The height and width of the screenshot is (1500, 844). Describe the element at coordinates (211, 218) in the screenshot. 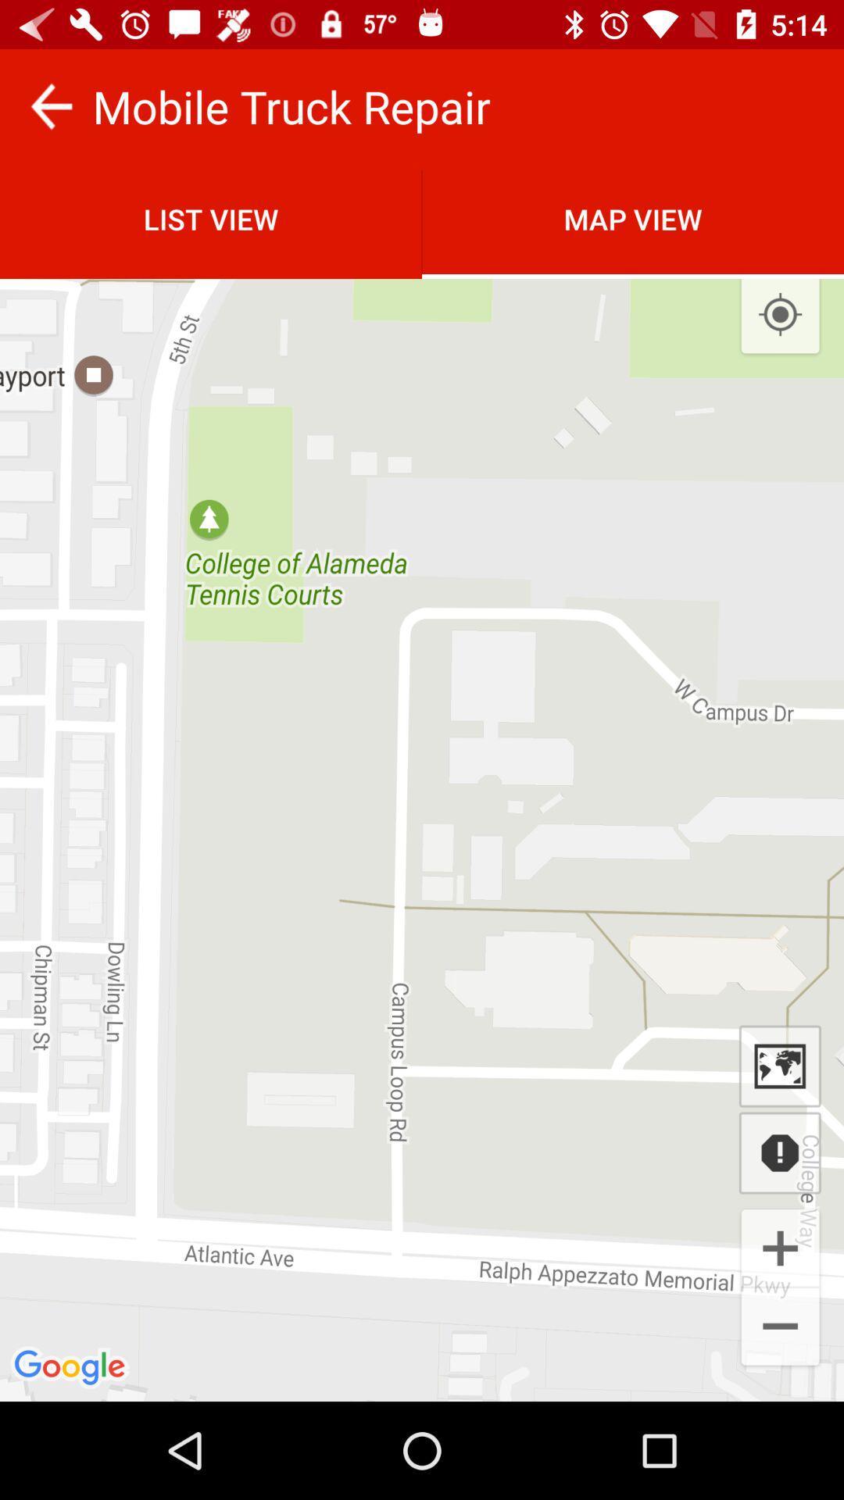

I see `list view item` at that location.